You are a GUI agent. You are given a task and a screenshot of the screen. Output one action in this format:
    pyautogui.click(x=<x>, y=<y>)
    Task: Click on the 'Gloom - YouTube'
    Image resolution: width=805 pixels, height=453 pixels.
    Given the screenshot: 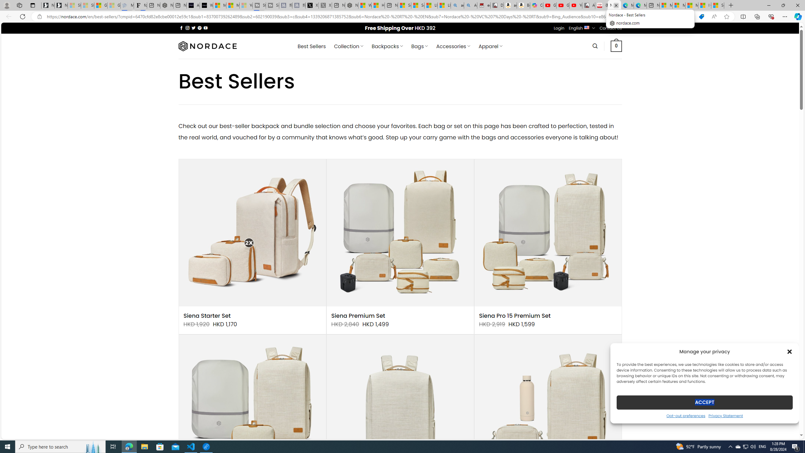 What is the action you would take?
    pyautogui.click(x=563, y=5)
    